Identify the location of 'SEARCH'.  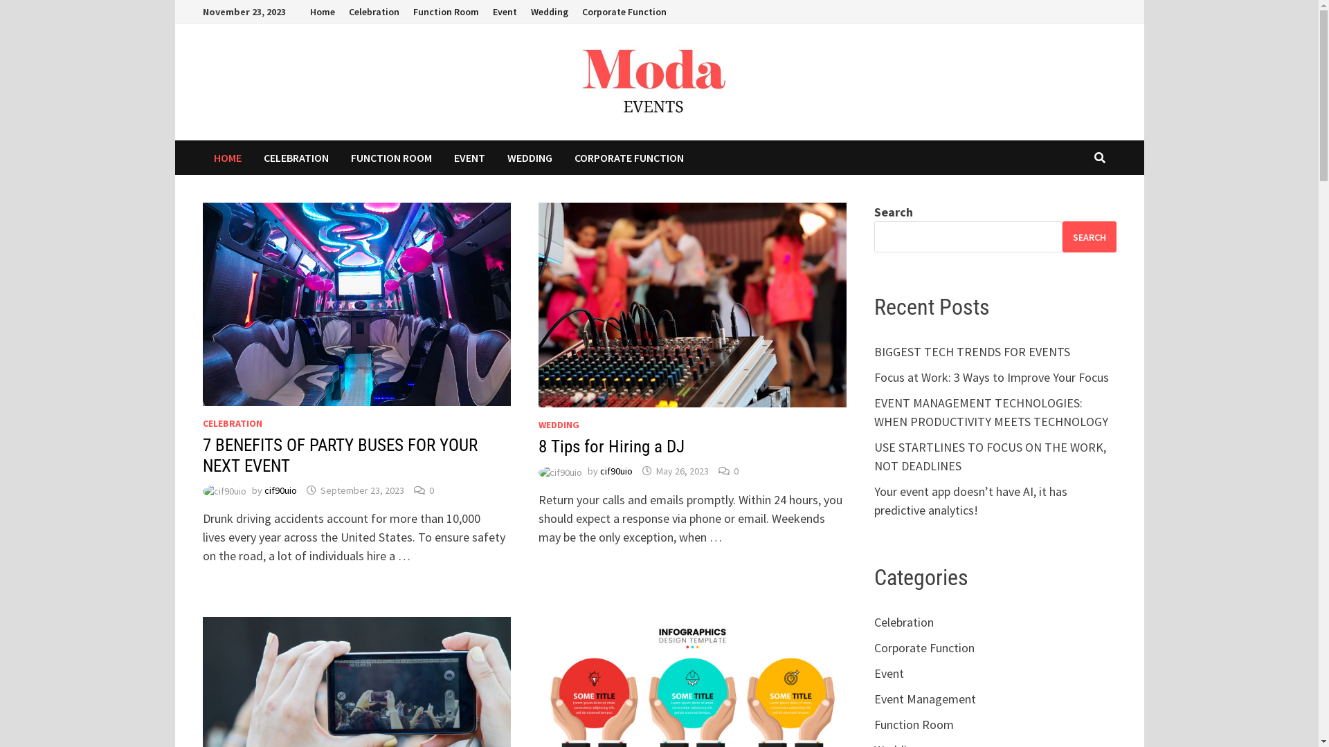
(1088, 236).